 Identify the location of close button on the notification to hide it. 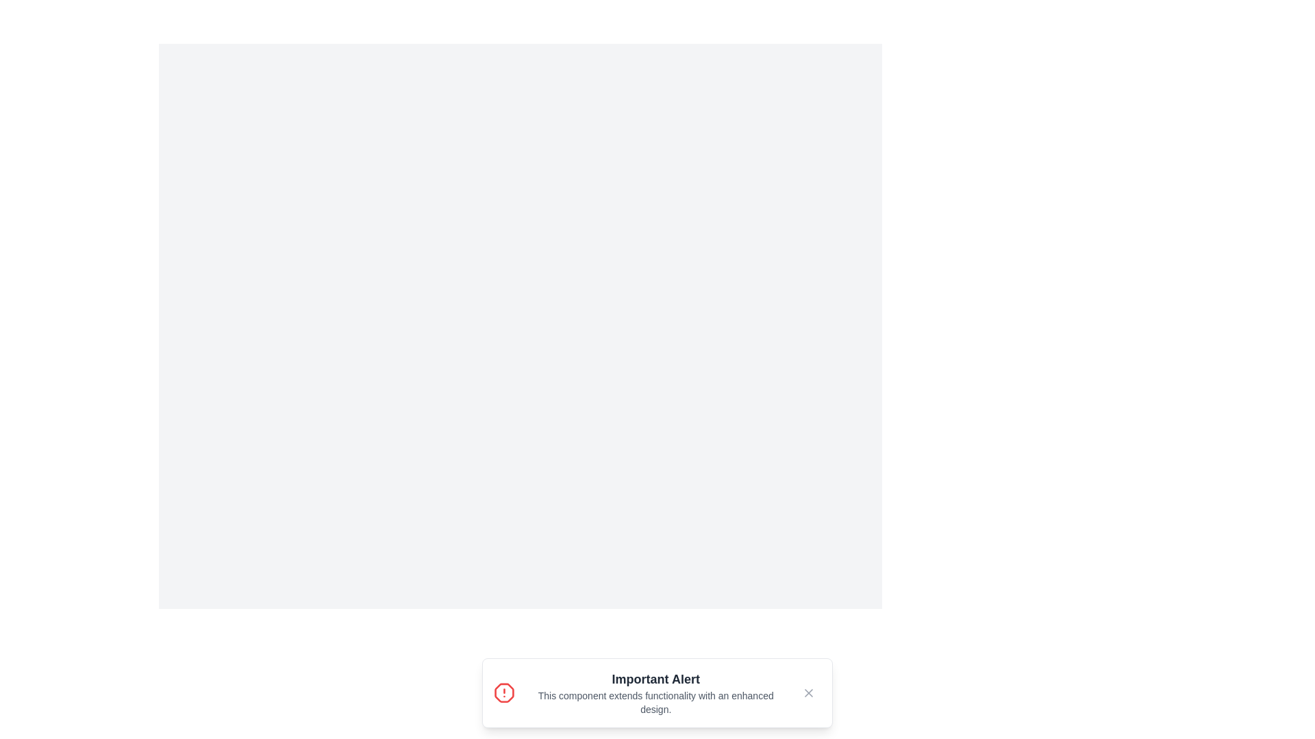
(808, 693).